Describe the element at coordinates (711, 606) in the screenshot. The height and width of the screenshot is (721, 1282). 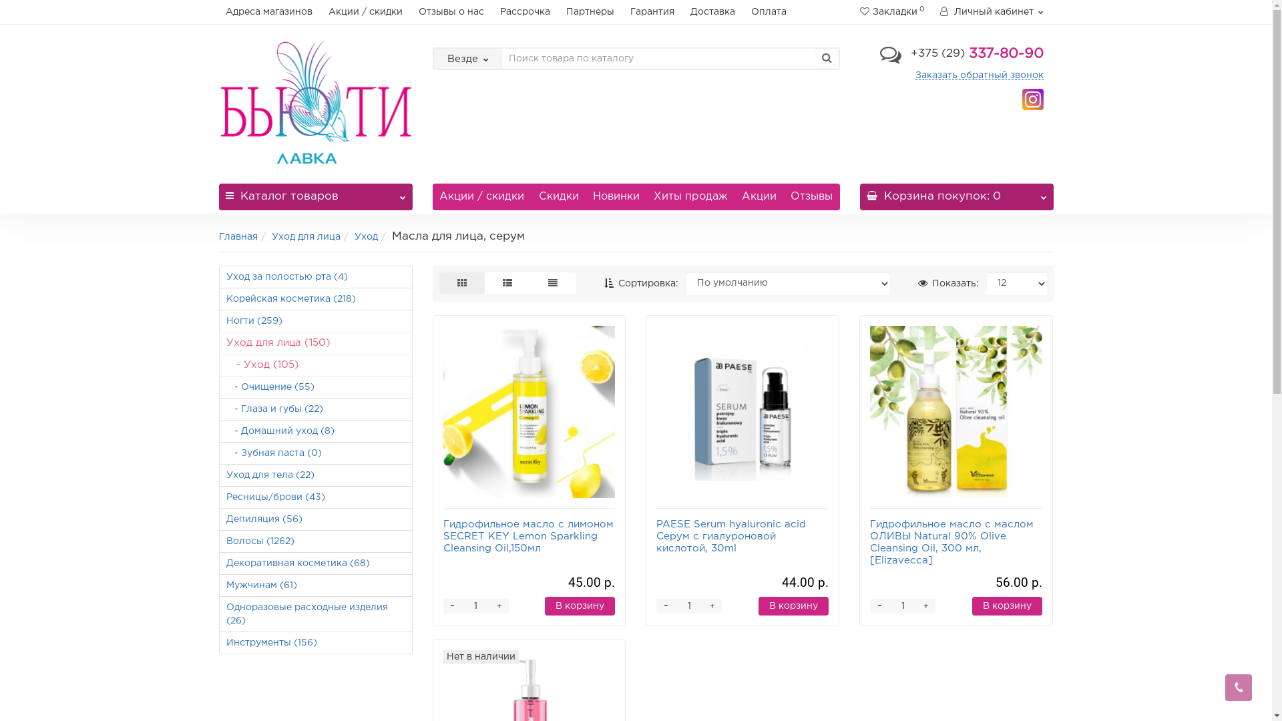
I see `'+'` at that location.